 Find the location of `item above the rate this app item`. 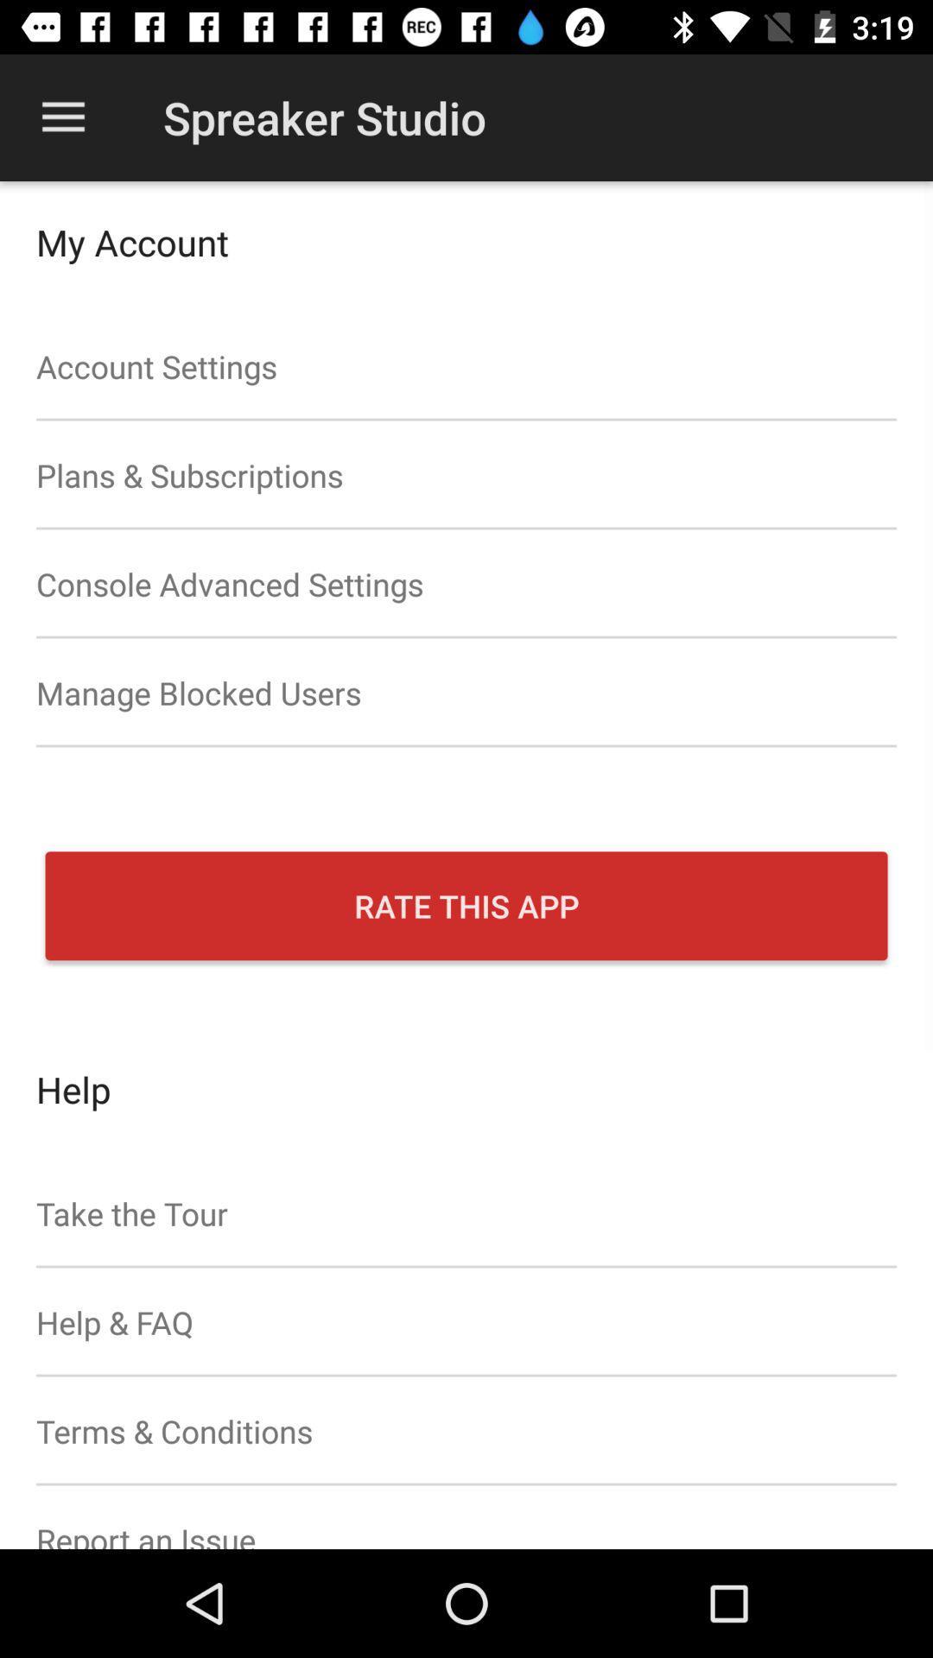

item above the rate this app item is located at coordinates (466, 693).